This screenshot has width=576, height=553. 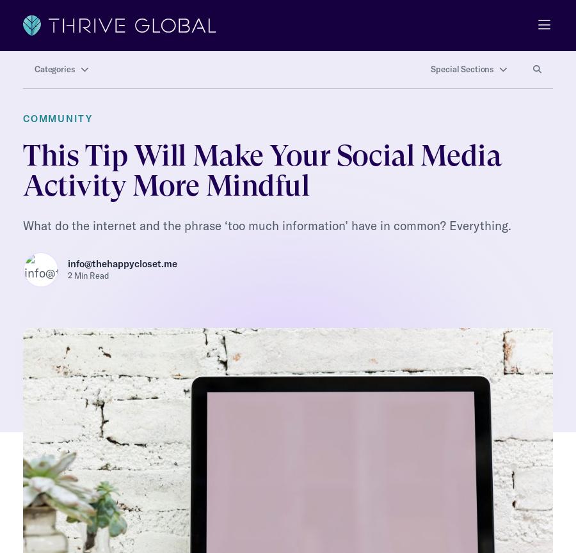 What do you see at coordinates (39, 495) in the screenshot?
I see `'Stories'` at bounding box center [39, 495].